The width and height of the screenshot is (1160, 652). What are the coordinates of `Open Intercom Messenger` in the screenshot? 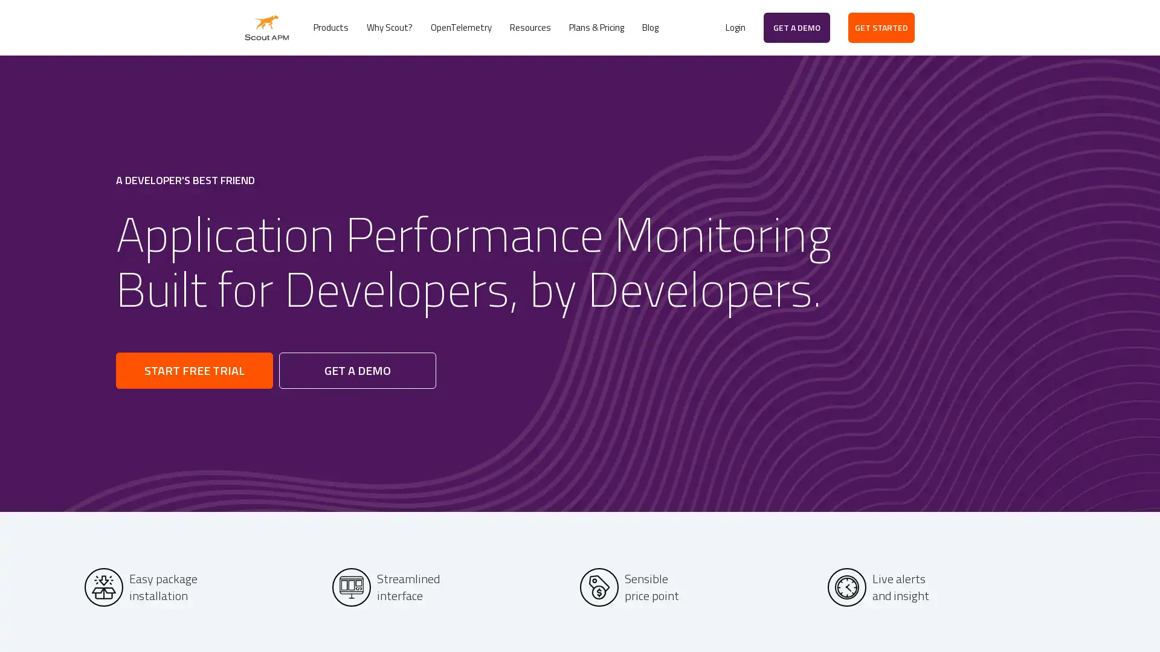 It's located at (1129, 621).